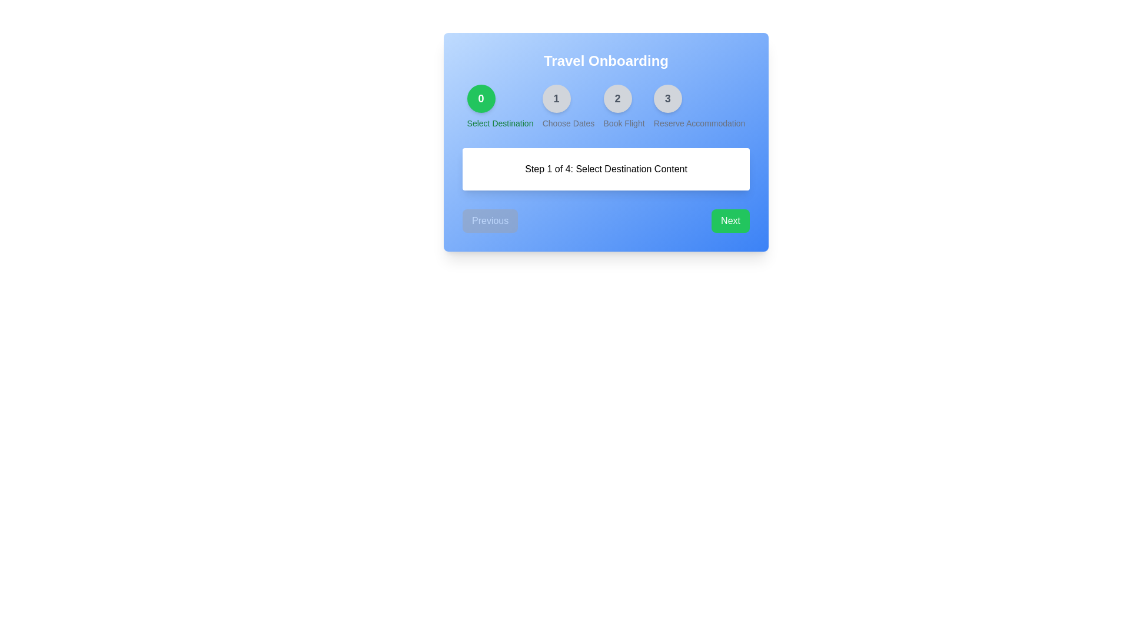 This screenshot has width=1130, height=635. What do you see at coordinates (730, 220) in the screenshot?
I see `the 'Next' button to proceed to the next step in the onboarding process` at bounding box center [730, 220].